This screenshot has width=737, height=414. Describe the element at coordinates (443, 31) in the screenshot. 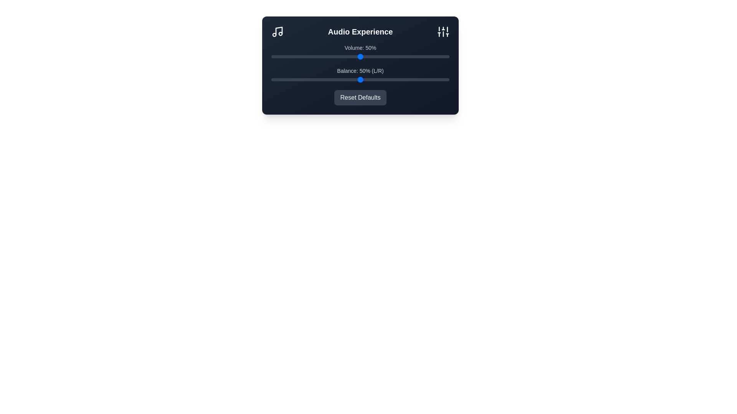

I see `the Sliders icon in the header` at that location.